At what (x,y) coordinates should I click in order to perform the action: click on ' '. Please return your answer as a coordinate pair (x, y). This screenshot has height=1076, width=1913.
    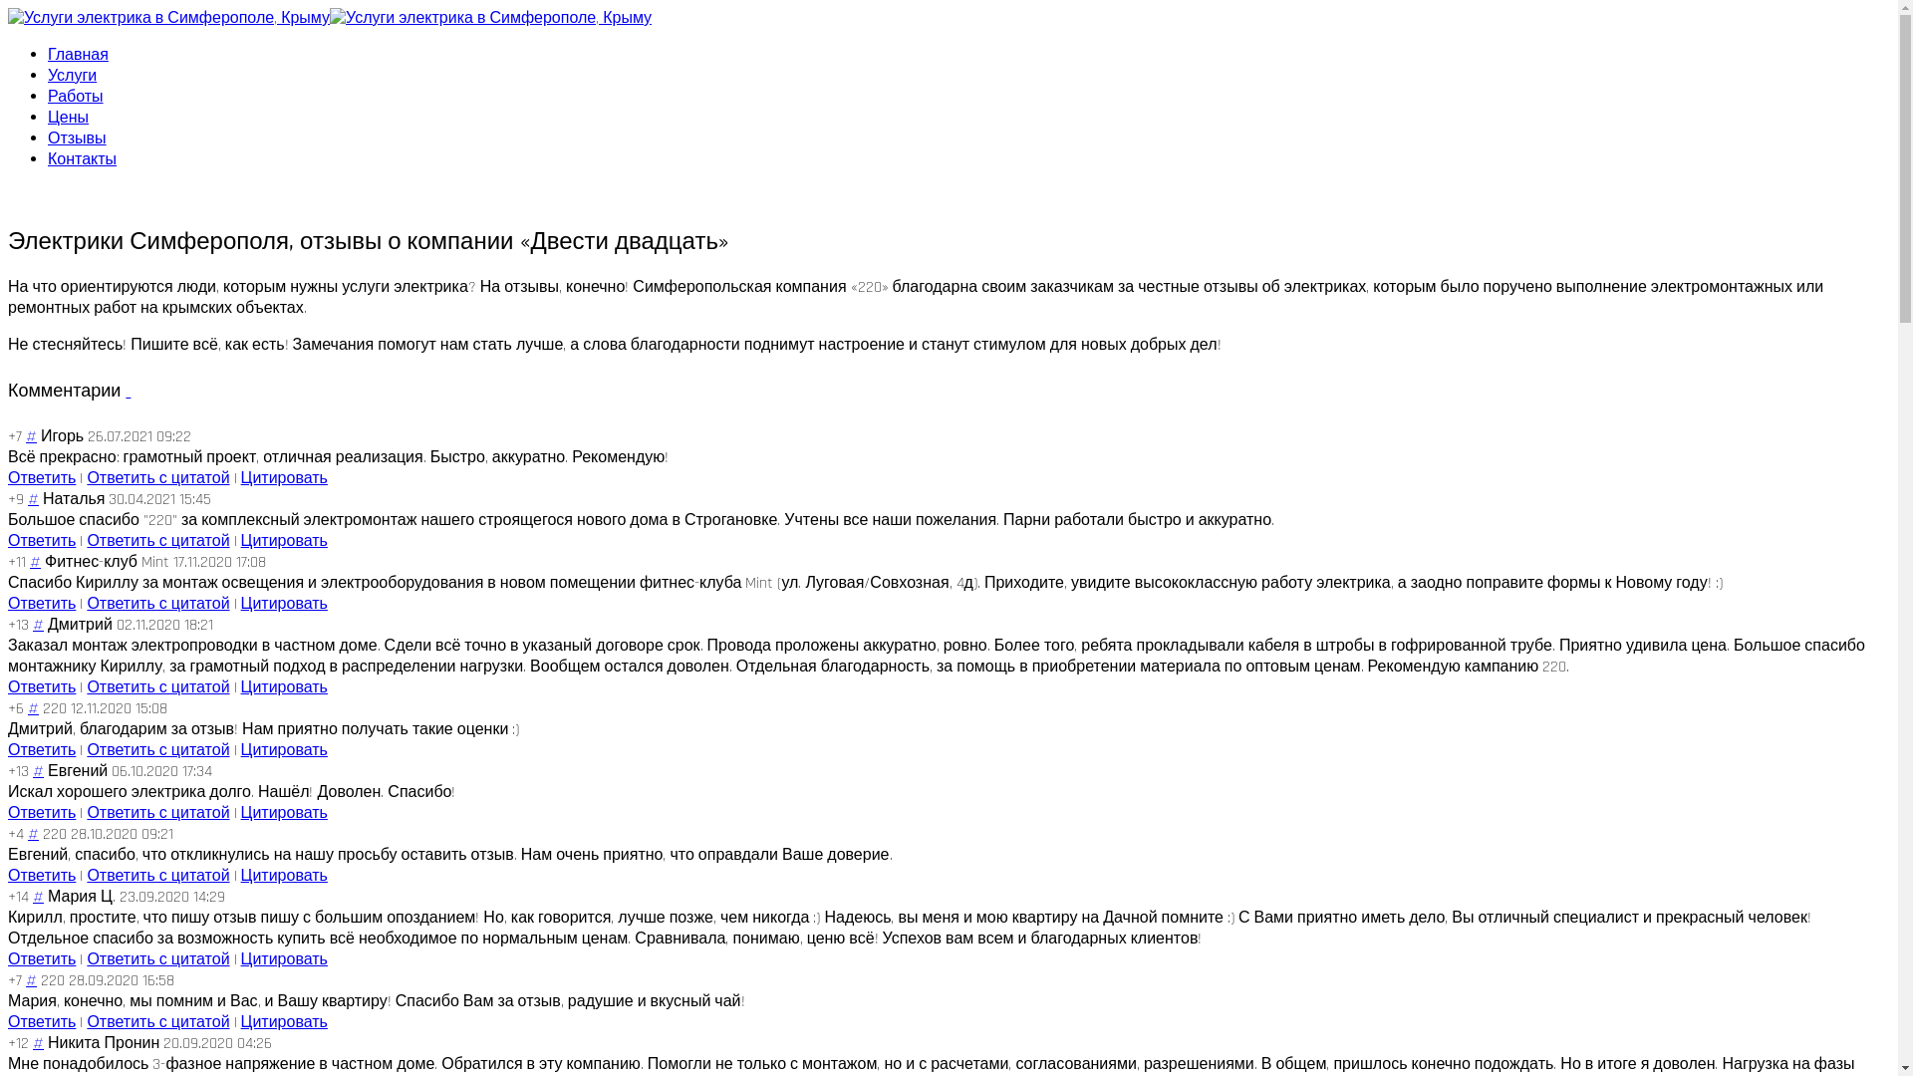
    Looking at the image, I should click on (127, 391).